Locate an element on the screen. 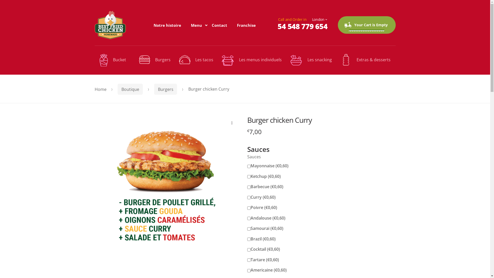 This screenshot has height=278, width=494. 'Burgers' is located at coordinates (165, 89).